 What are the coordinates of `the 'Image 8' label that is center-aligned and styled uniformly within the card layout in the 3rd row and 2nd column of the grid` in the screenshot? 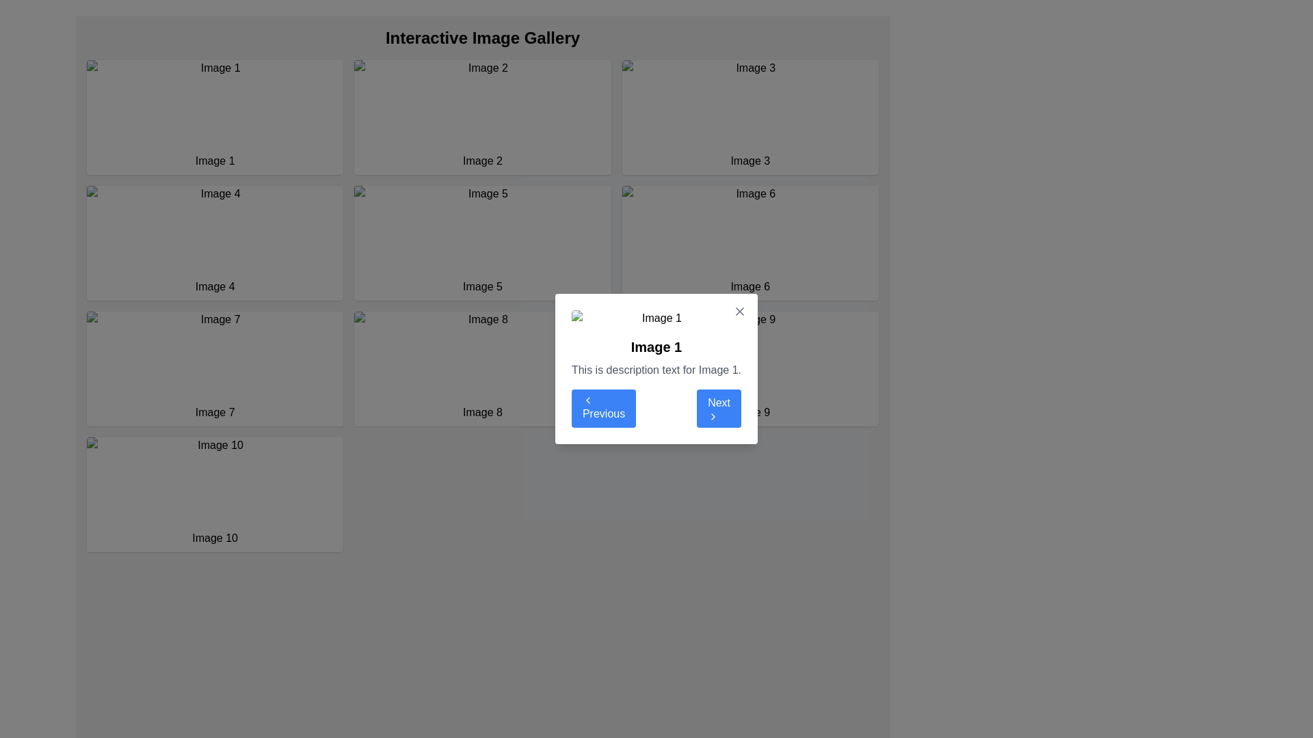 It's located at (482, 412).